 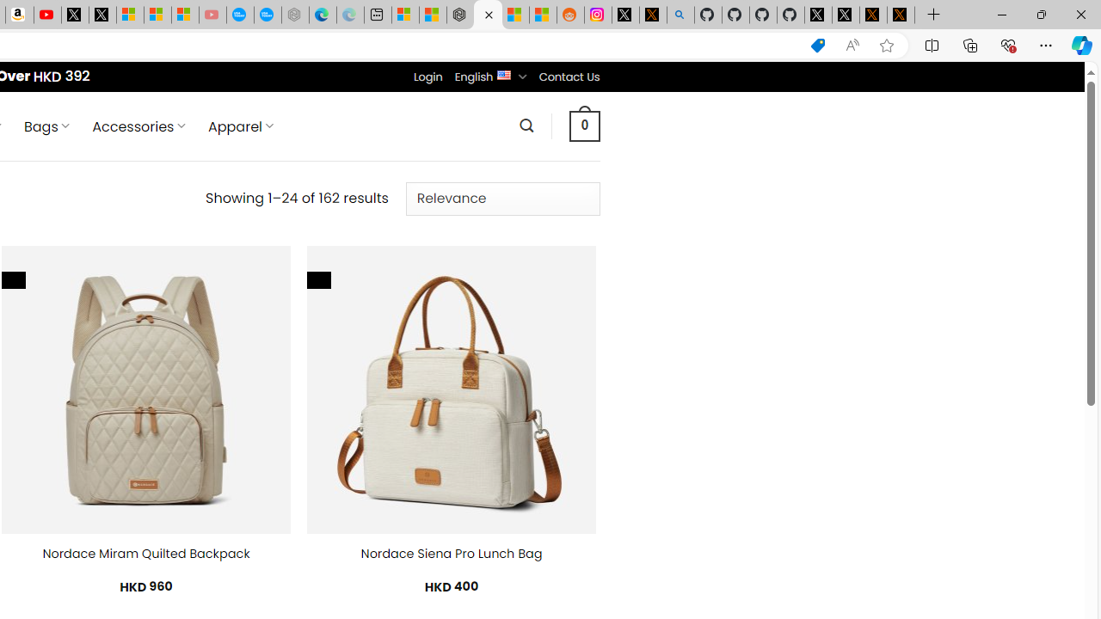 I want to click on 'Split screen', so click(x=931, y=44).